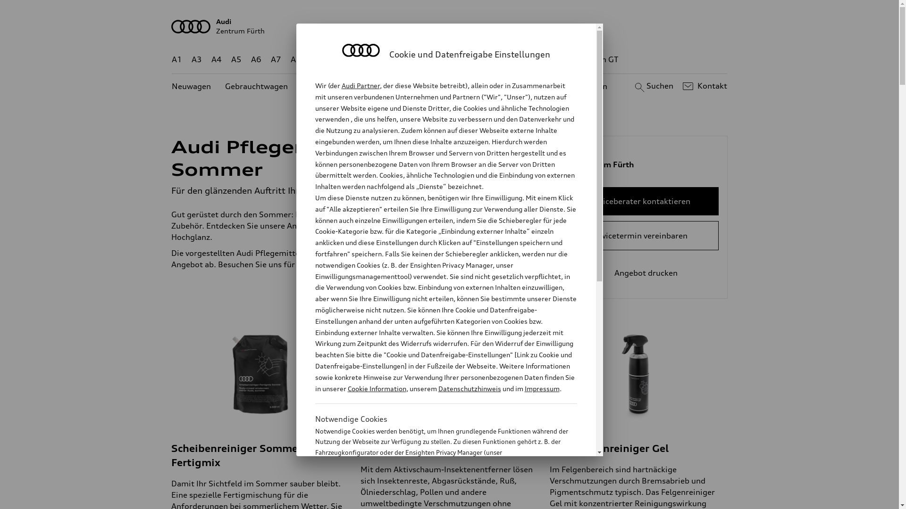 The width and height of the screenshot is (906, 509). What do you see at coordinates (530, 59) in the screenshot?
I see `'RS'` at bounding box center [530, 59].